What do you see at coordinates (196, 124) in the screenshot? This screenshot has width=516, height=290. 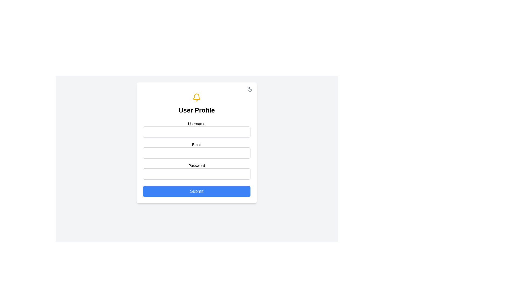 I see `the 'Username' text label which is styled in a smaller-sized font and positioned above the input field for entering a username in the form layout` at bounding box center [196, 124].